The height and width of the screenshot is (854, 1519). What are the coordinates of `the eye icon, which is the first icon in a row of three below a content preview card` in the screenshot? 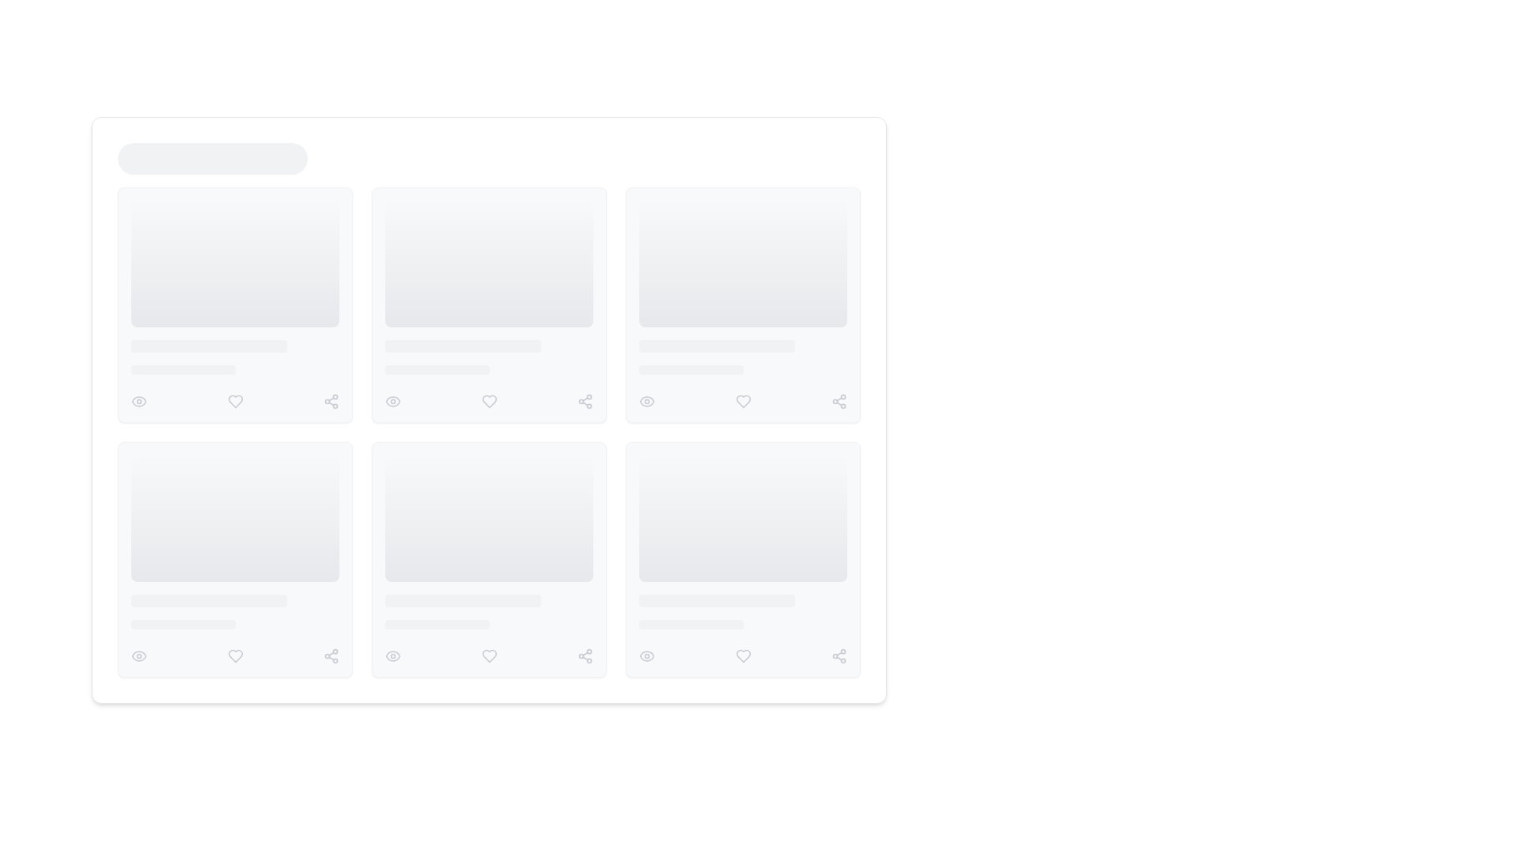 It's located at (393, 656).